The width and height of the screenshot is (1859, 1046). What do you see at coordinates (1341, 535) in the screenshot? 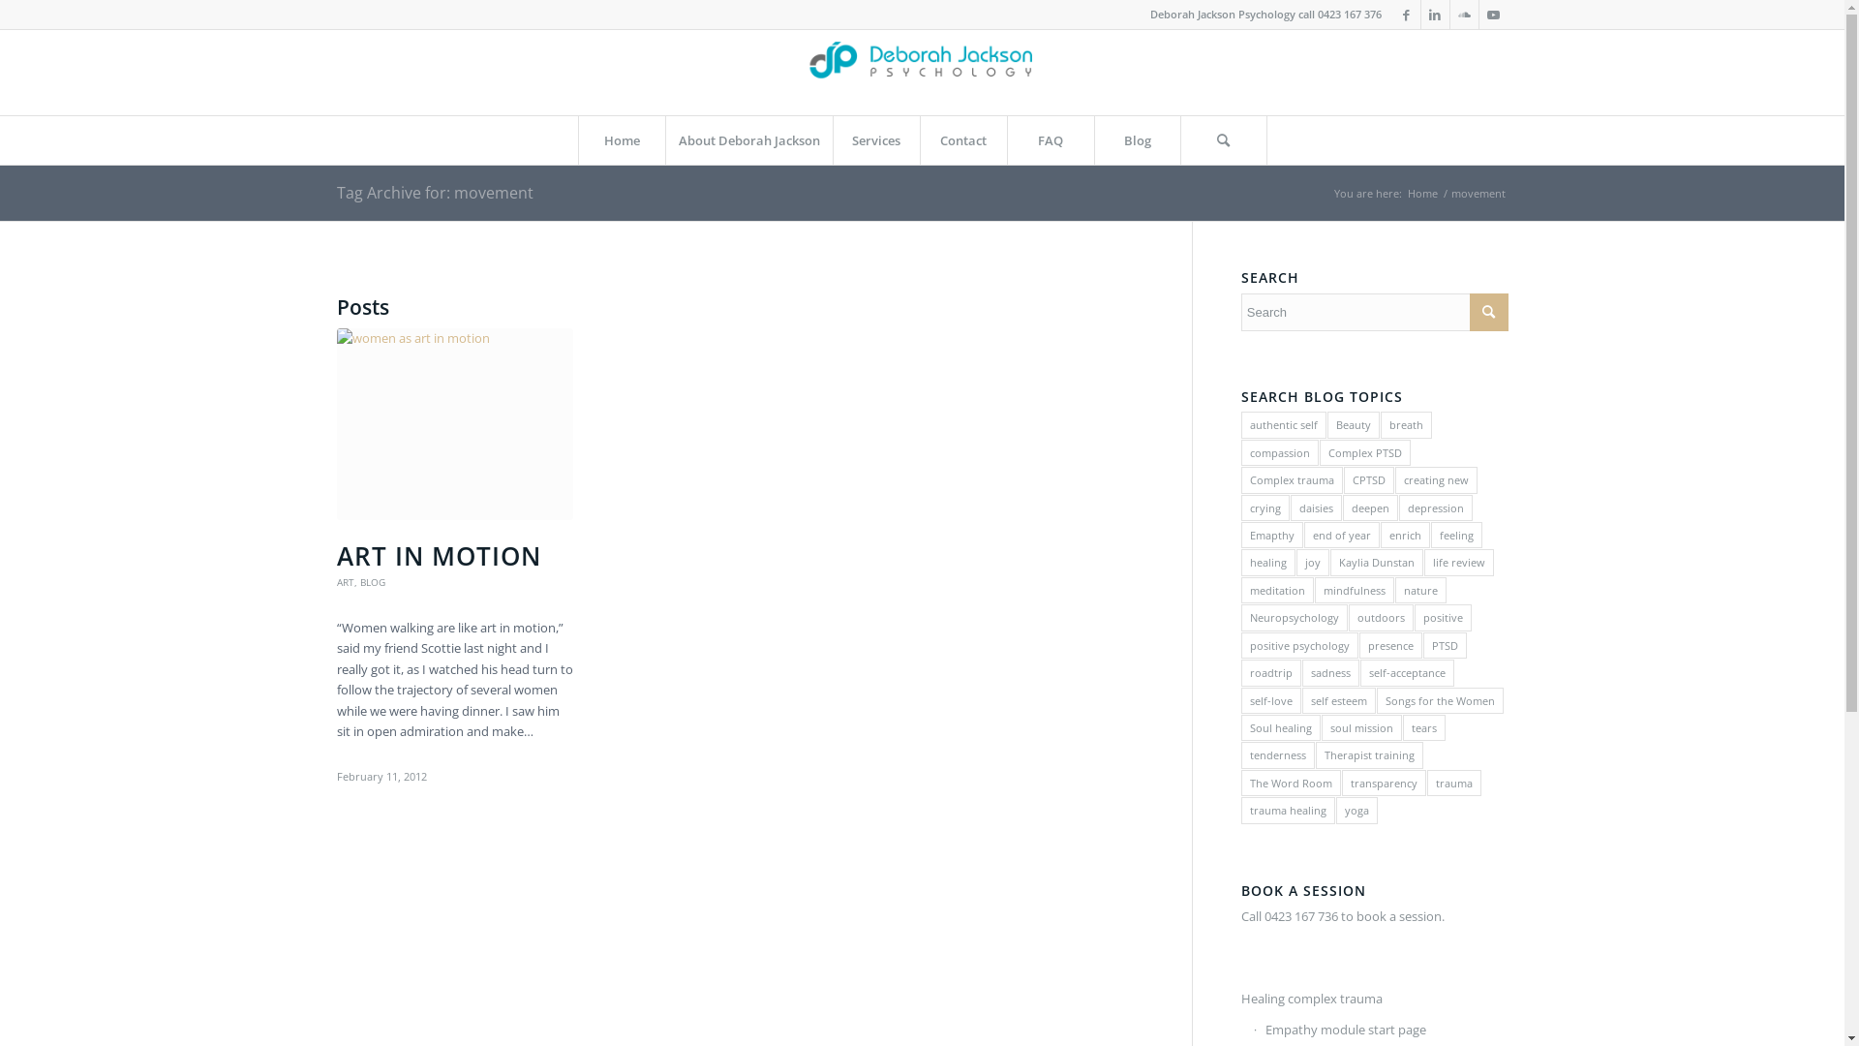
I see `'end of year'` at bounding box center [1341, 535].